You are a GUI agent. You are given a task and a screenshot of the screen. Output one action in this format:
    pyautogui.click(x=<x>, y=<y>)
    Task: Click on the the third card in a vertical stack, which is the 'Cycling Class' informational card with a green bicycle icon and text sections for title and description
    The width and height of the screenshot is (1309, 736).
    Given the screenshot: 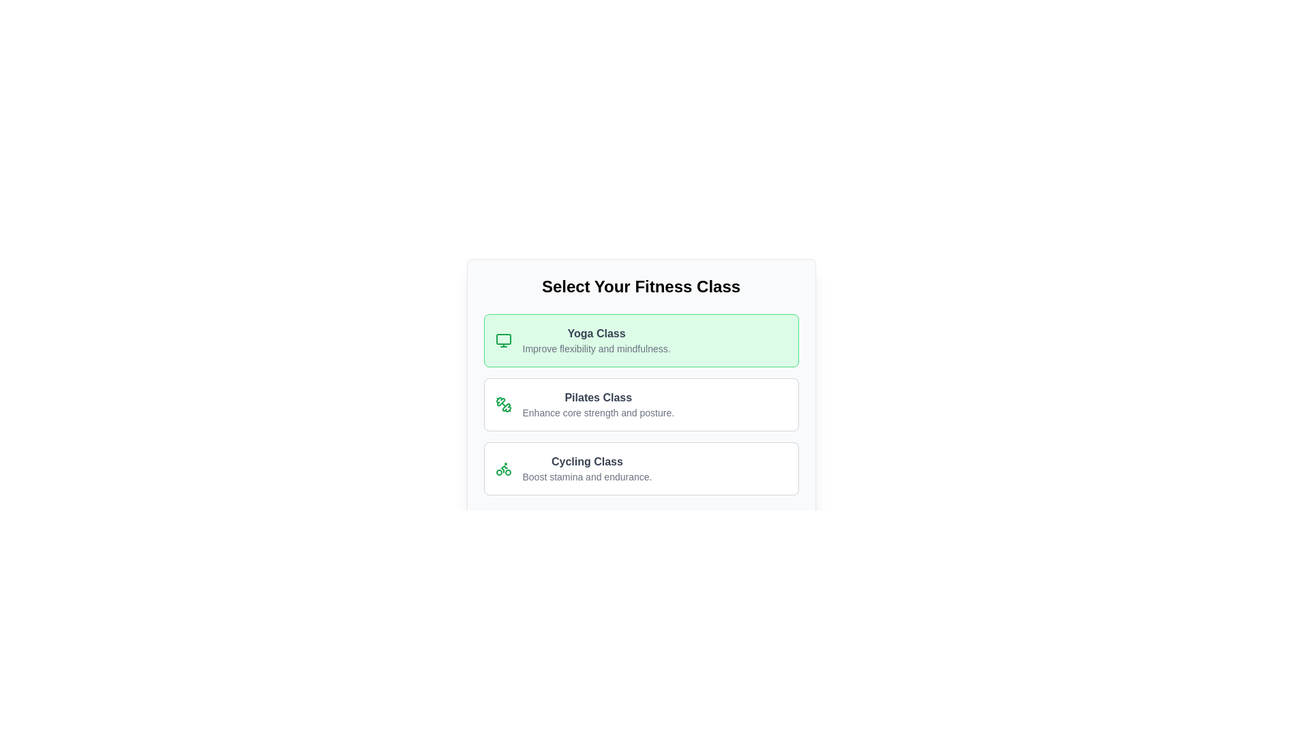 What is the action you would take?
    pyautogui.click(x=640, y=467)
    